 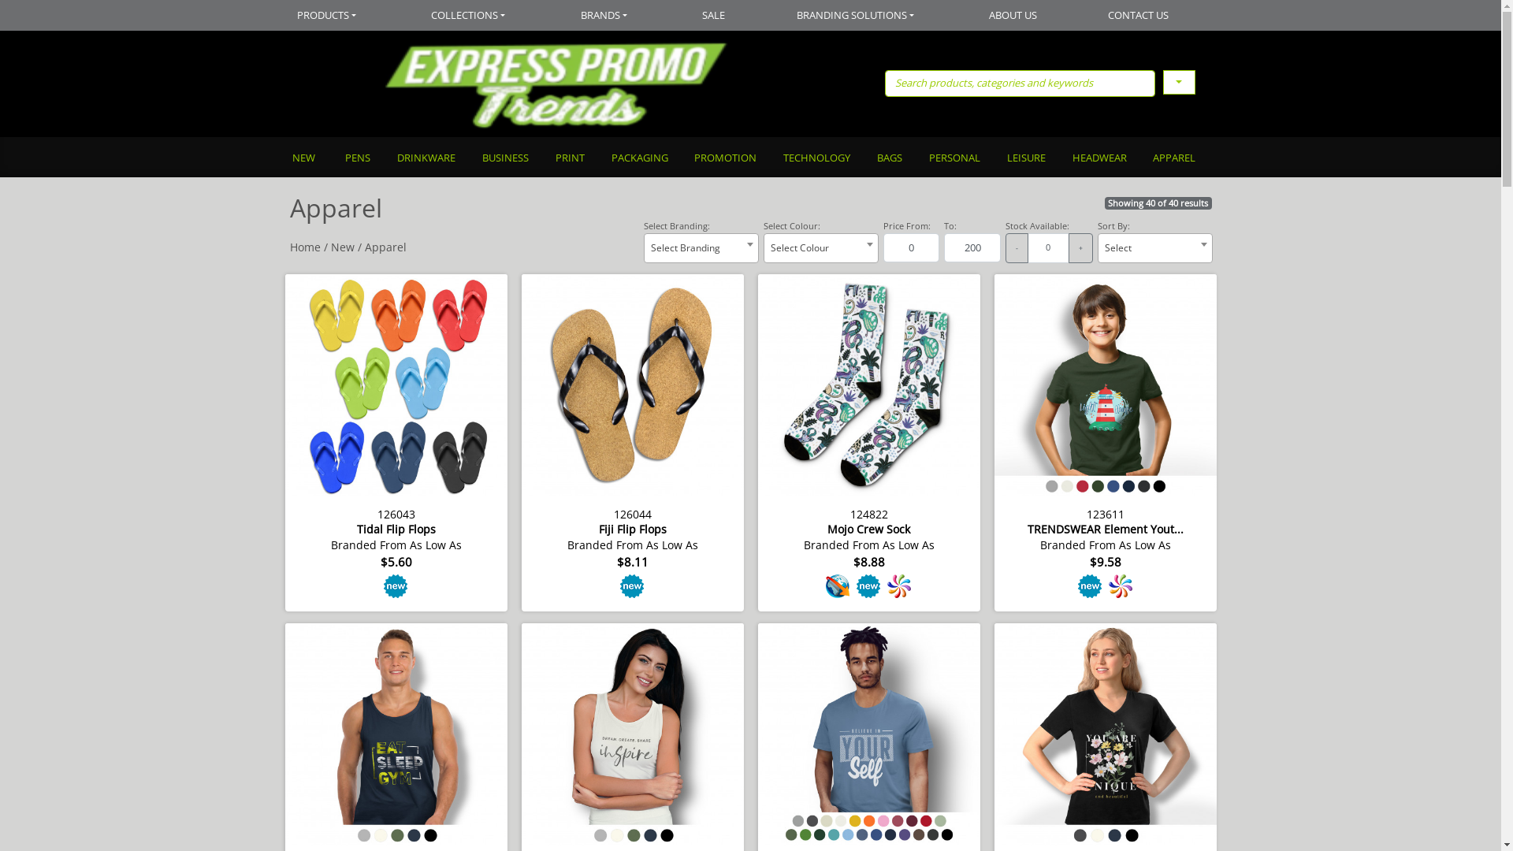 I want to click on 'ABOUT US', so click(x=1013, y=15).